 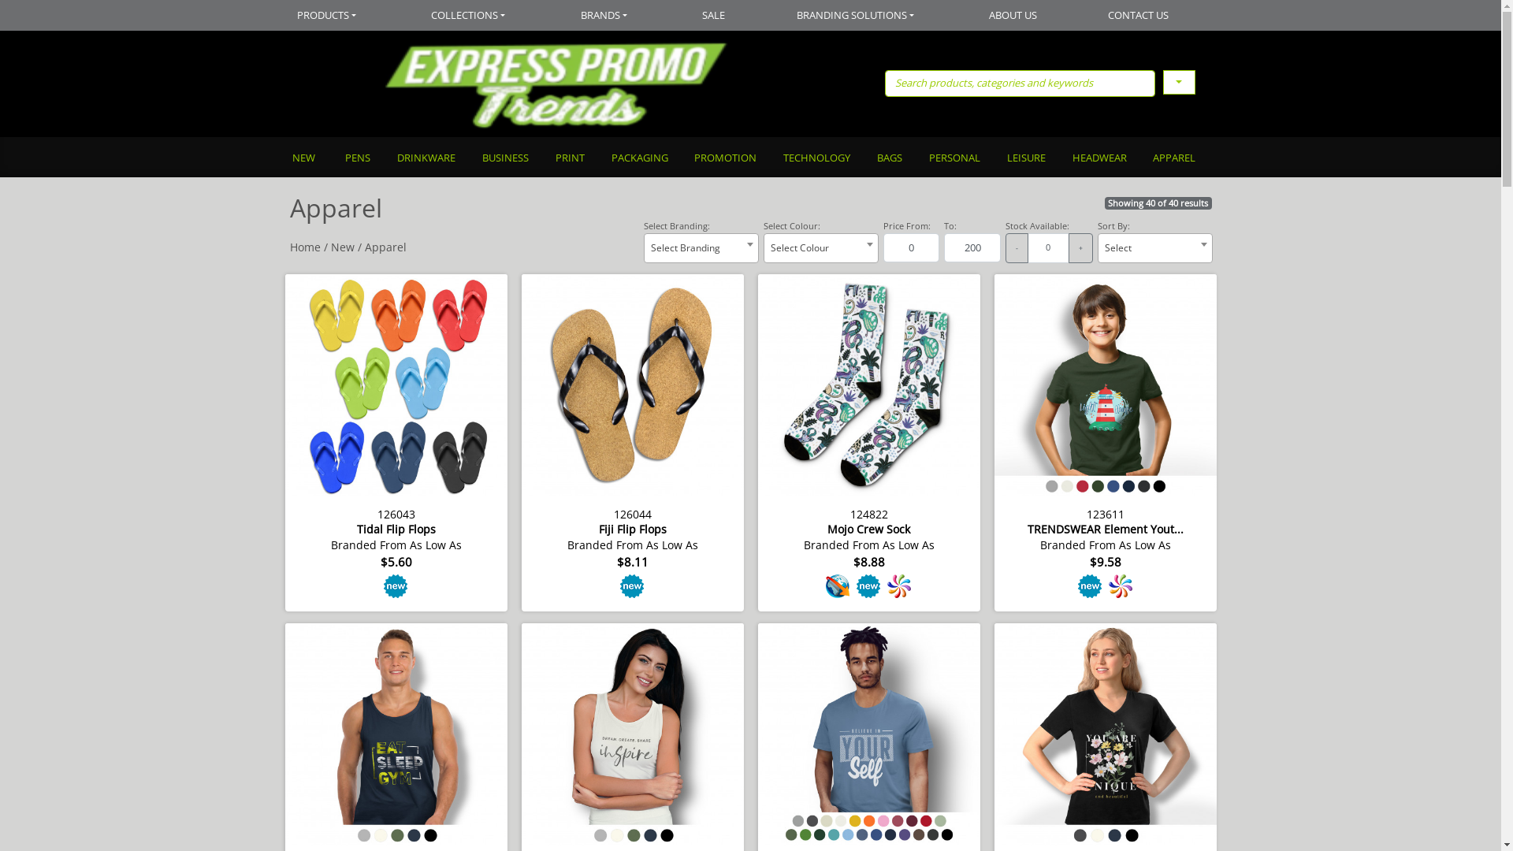 I want to click on 'ABOUT US', so click(x=1013, y=15).